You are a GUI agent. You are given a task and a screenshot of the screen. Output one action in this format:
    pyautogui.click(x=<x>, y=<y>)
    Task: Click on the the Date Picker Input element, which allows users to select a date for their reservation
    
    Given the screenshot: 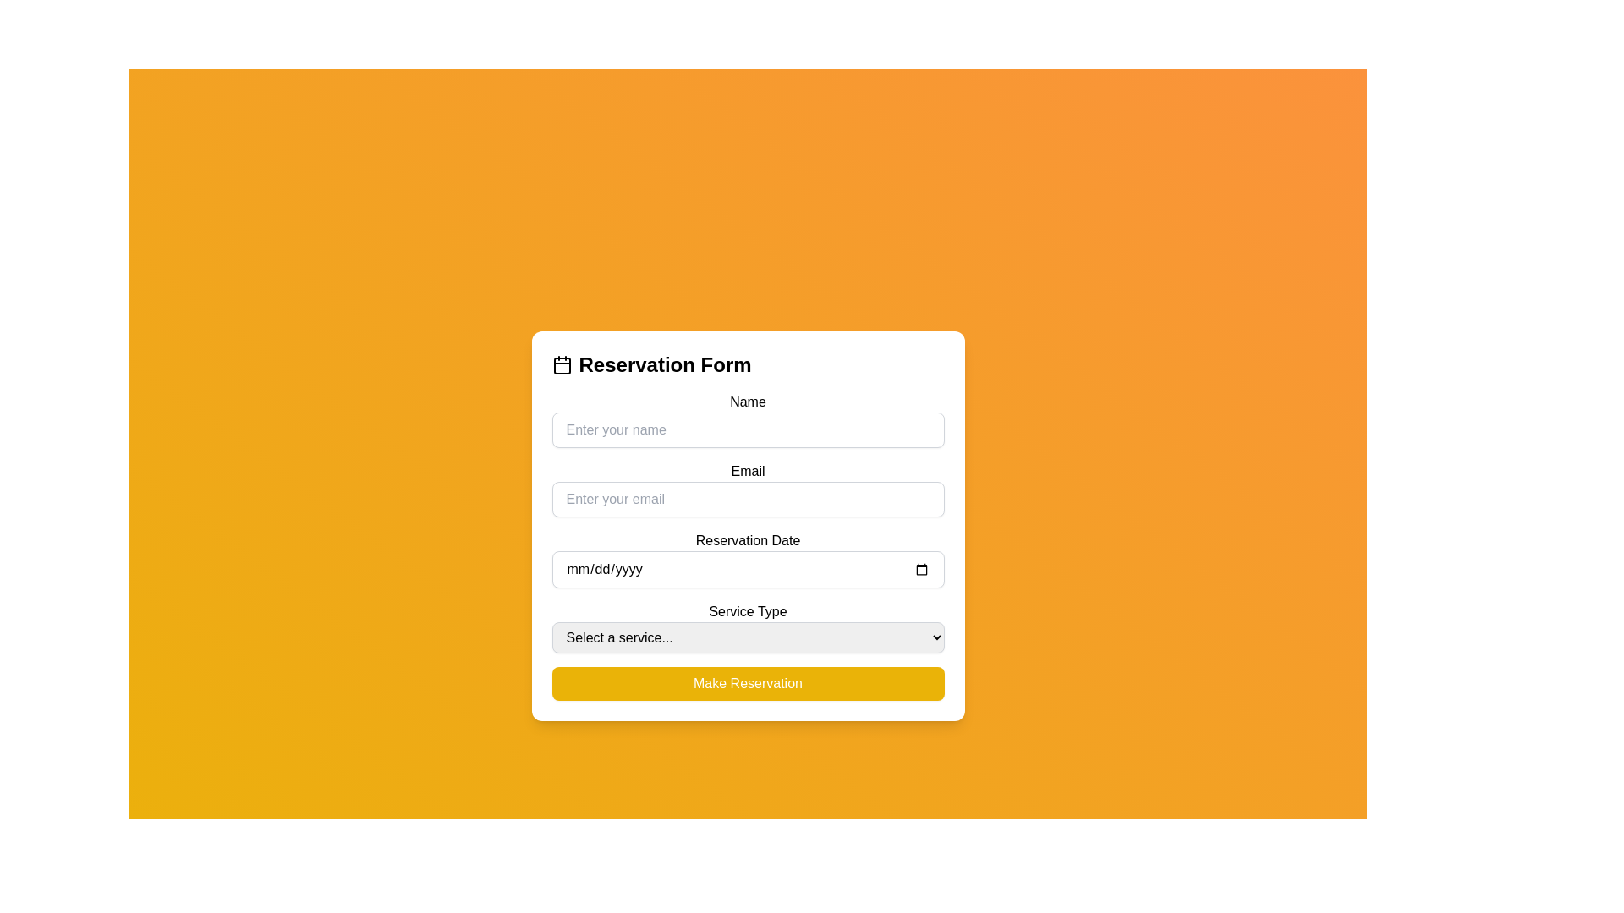 What is the action you would take?
    pyautogui.click(x=747, y=559)
    